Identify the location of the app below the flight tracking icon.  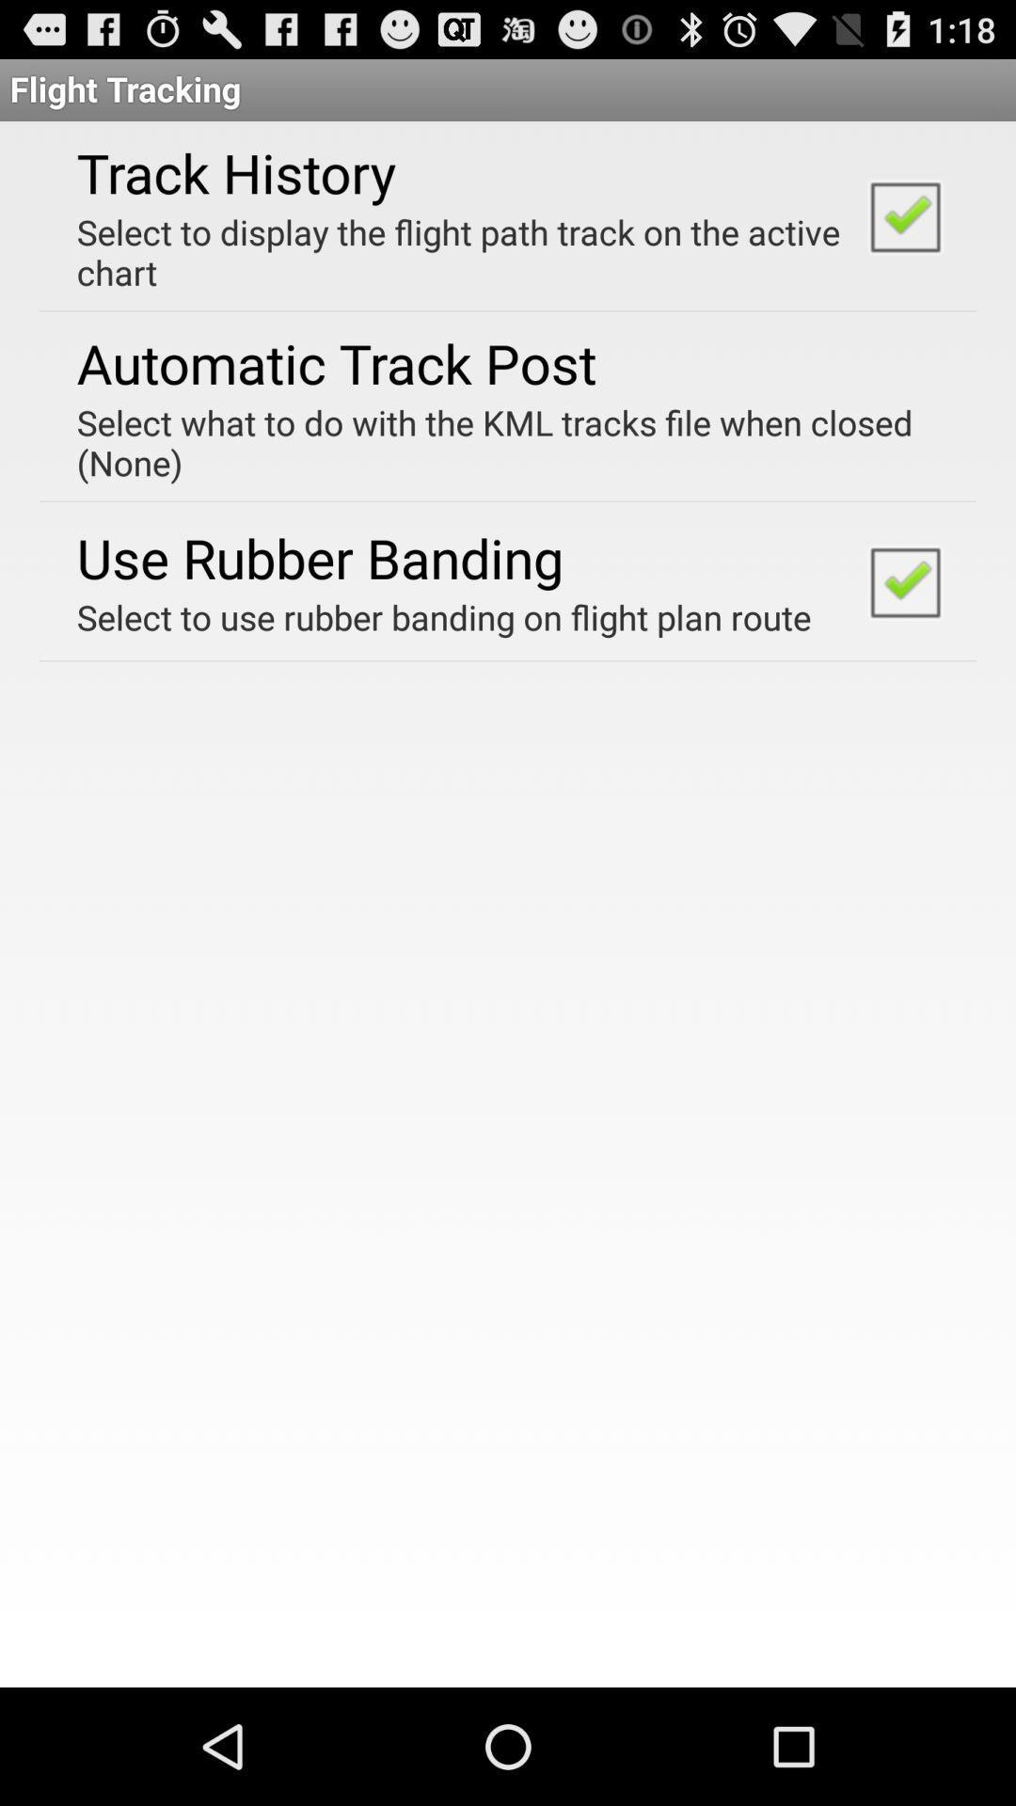
(235, 172).